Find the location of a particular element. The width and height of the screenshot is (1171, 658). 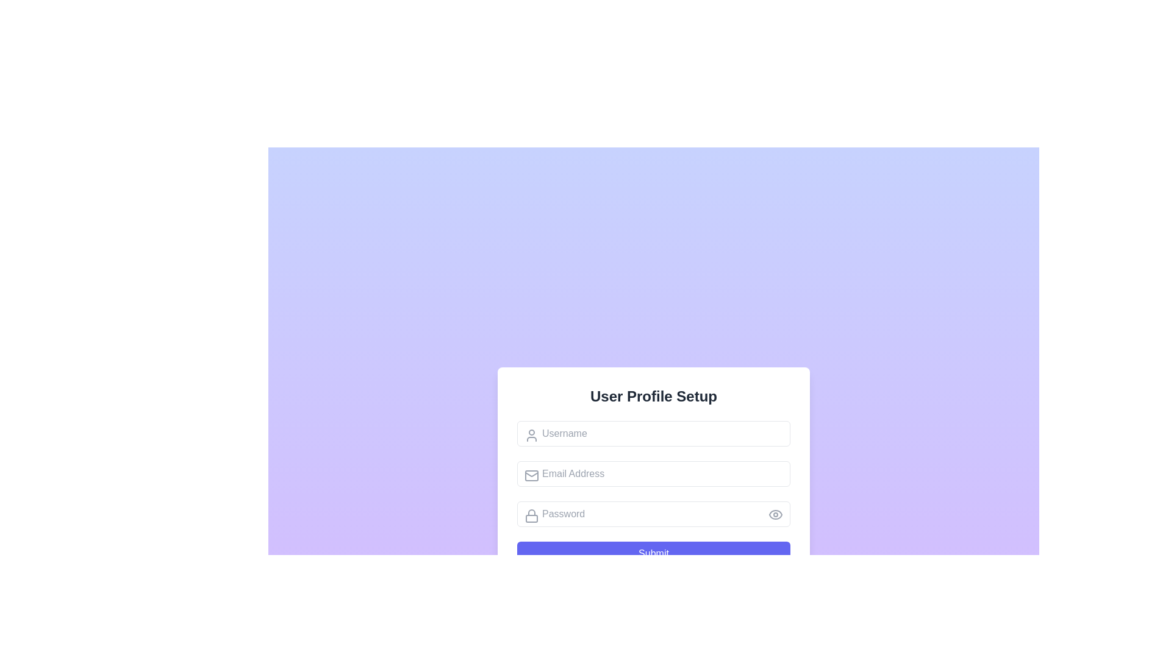

the email icon's envelope outline SVG shape, which is located to the left of the 'Email Address' text input field is located at coordinates (532, 475).